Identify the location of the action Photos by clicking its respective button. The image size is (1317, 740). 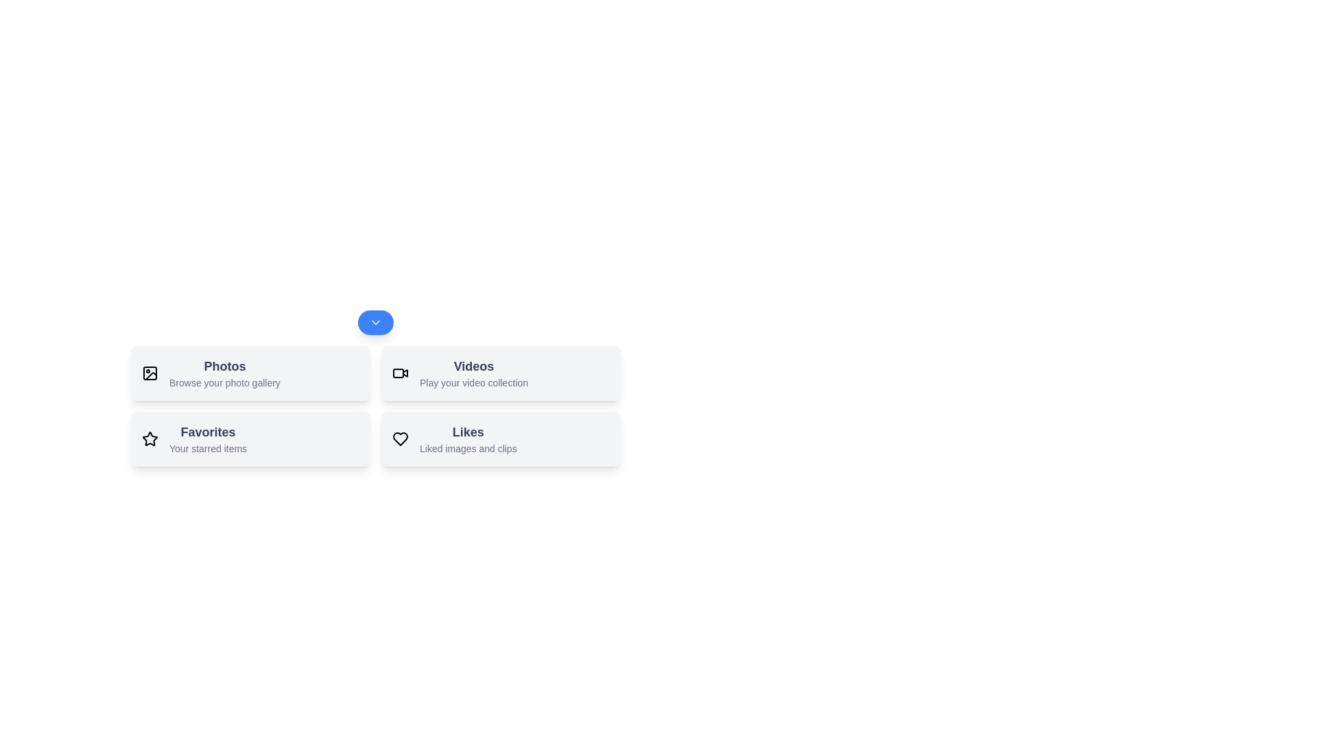
(250, 373).